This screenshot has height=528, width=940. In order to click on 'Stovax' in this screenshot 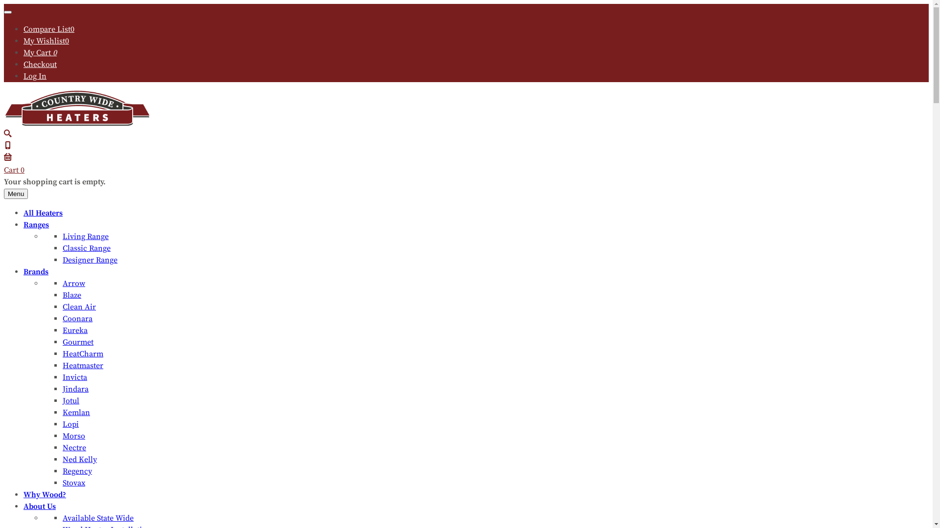, I will do `click(73, 482)`.